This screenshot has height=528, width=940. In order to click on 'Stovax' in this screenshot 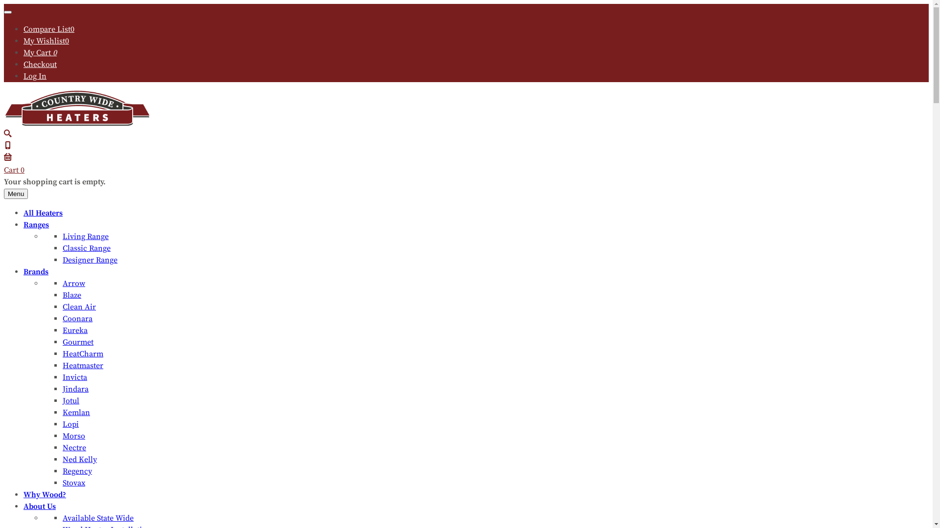, I will do `click(73, 482)`.